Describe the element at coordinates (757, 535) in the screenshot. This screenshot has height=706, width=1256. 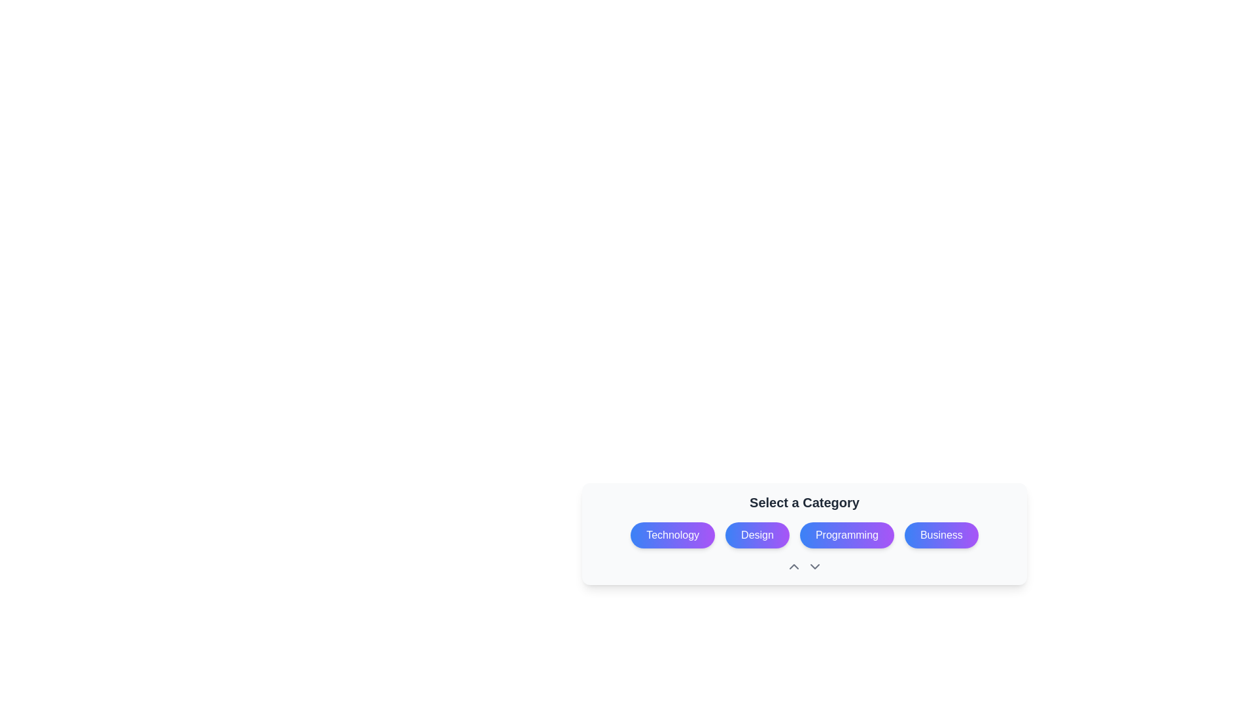
I see `the 'Design' button, which is the second button in a row of four buttons labeled 'Technology', 'Design', 'Programming', and 'Business', located below the header text 'Select a Category'` at that location.